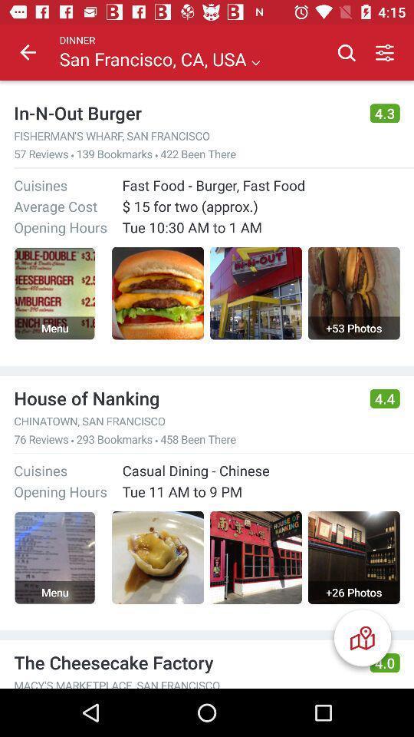  What do you see at coordinates (28, 52) in the screenshot?
I see `item next to the dinner` at bounding box center [28, 52].